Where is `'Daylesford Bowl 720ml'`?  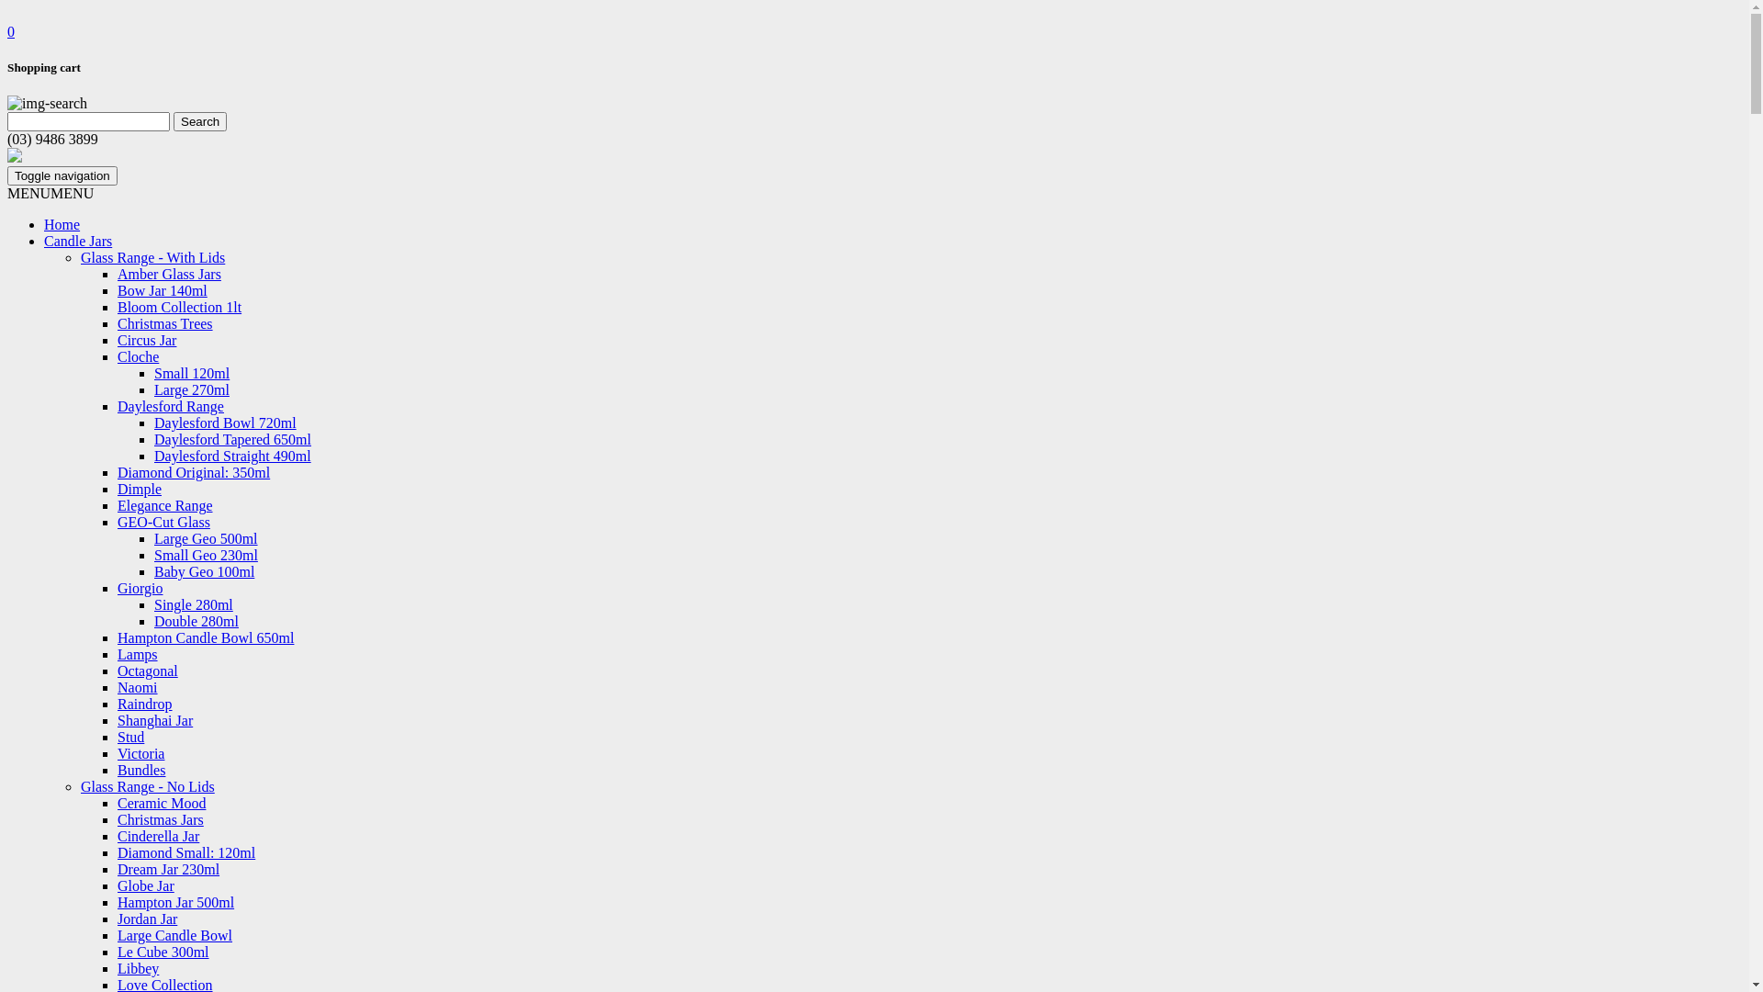
'Daylesford Bowl 720ml' is located at coordinates (224, 423).